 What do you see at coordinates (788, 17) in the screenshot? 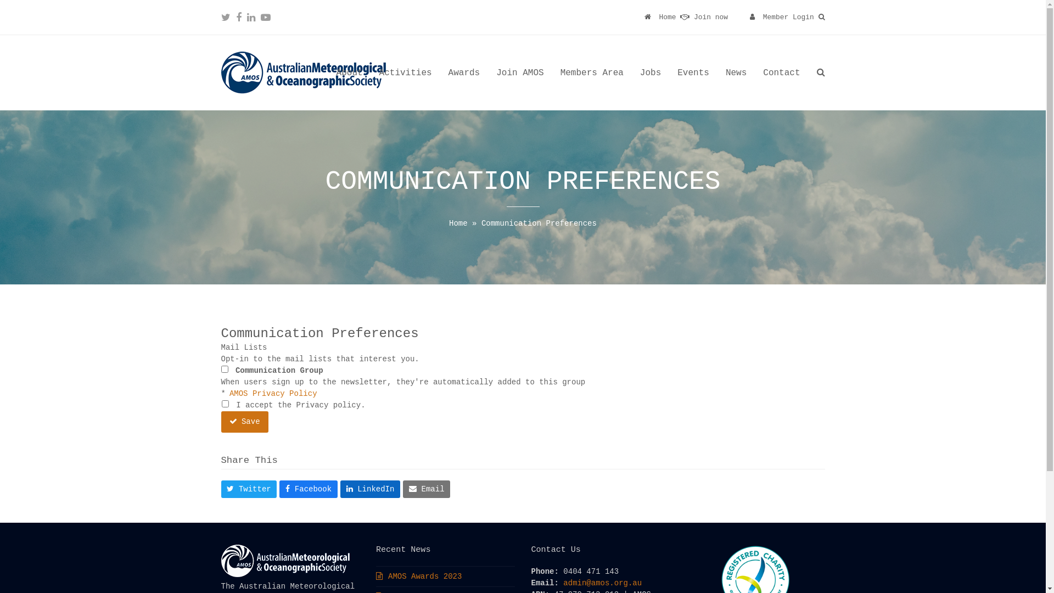
I see `'Member Login'` at bounding box center [788, 17].